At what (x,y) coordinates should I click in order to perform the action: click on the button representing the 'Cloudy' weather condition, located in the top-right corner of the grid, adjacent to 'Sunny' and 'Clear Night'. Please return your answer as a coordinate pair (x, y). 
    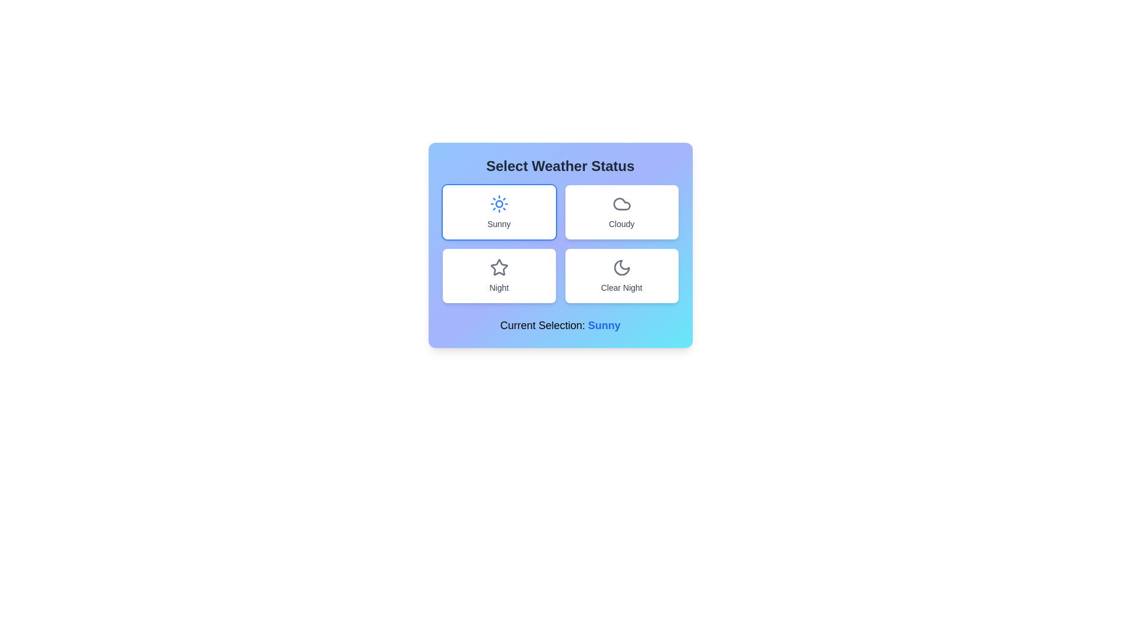
    Looking at the image, I should click on (621, 211).